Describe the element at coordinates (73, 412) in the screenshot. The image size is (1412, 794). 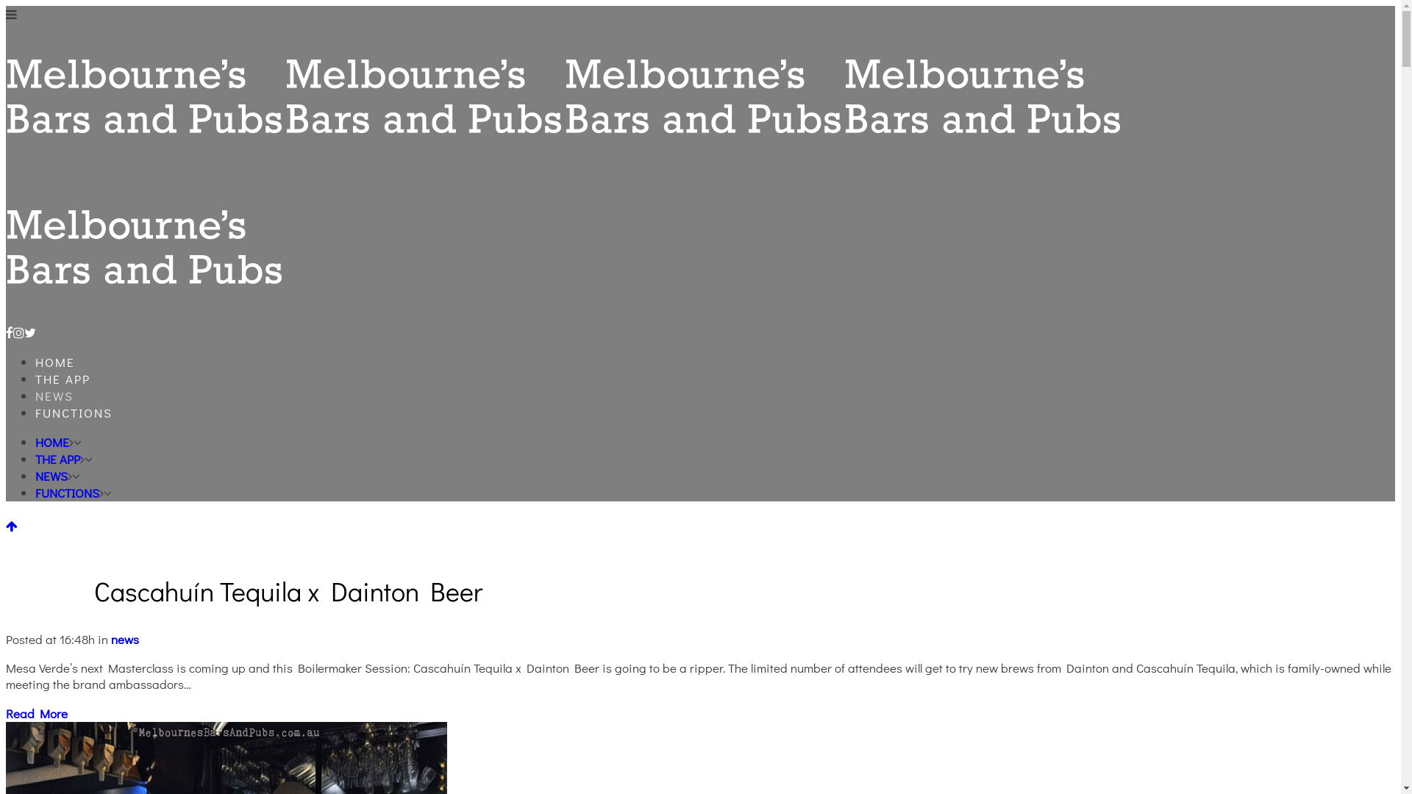
I see `'FUNCTIONS'` at that location.